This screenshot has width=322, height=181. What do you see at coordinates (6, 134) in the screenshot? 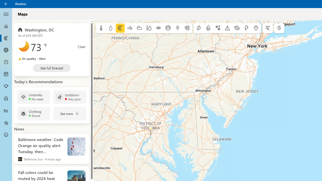
I see `'Send Feedback - Not Selected'` at bounding box center [6, 134].